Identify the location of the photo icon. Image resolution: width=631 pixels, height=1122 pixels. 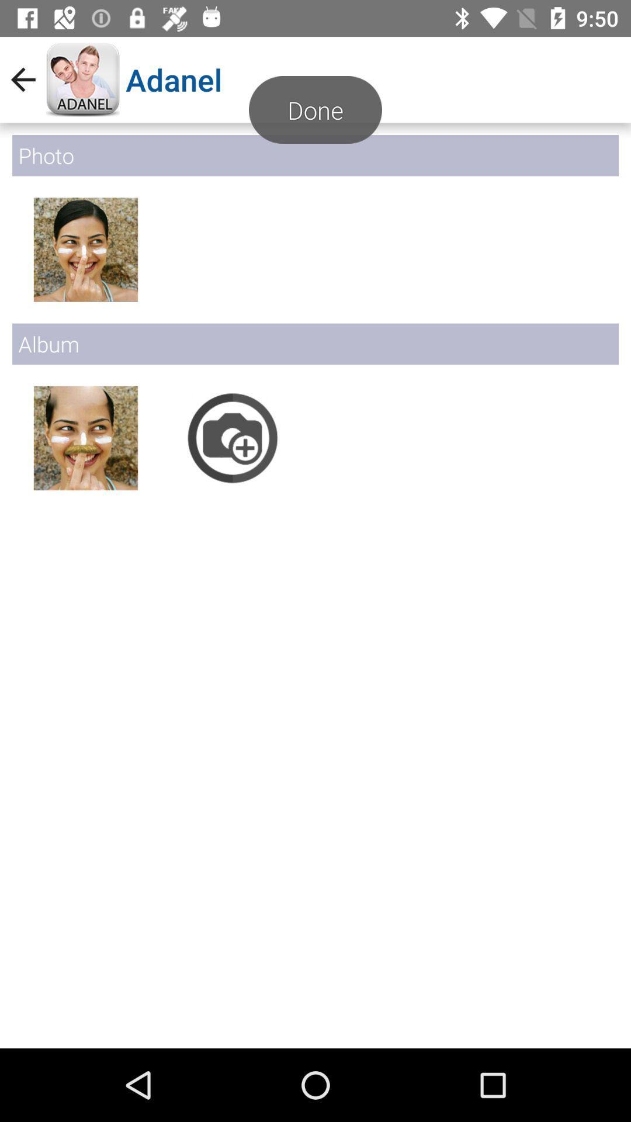
(233, 437).